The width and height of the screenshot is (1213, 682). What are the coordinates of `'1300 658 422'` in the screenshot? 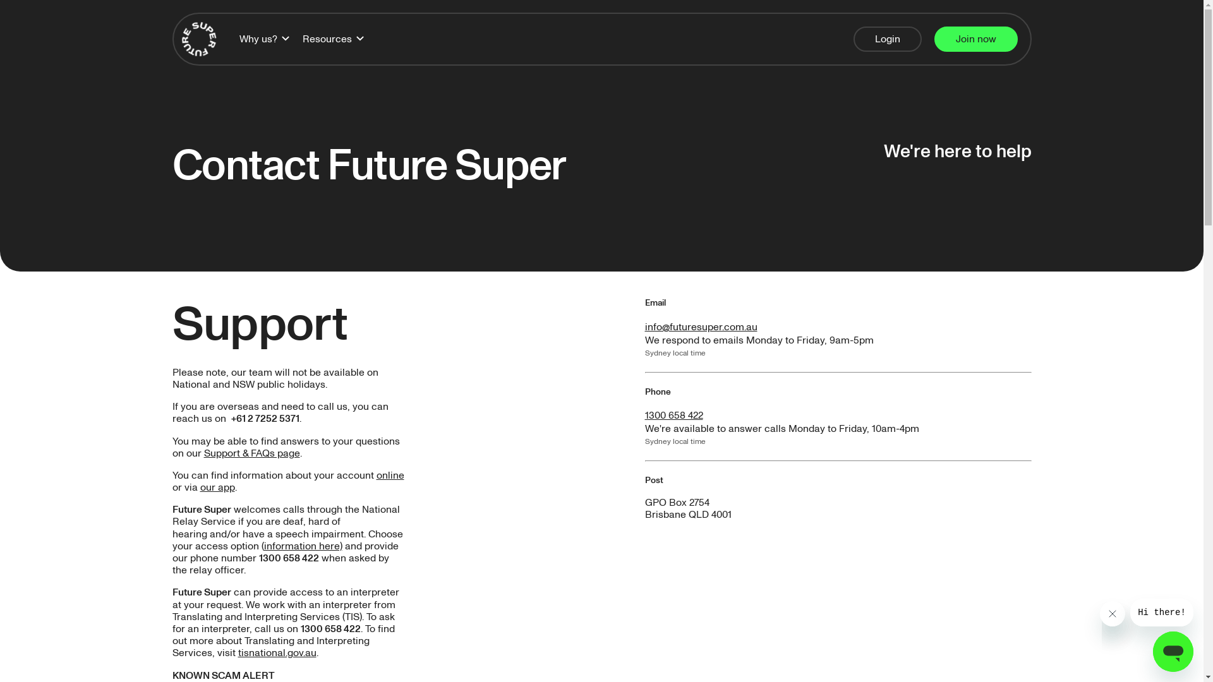 It's located at (672, 416).